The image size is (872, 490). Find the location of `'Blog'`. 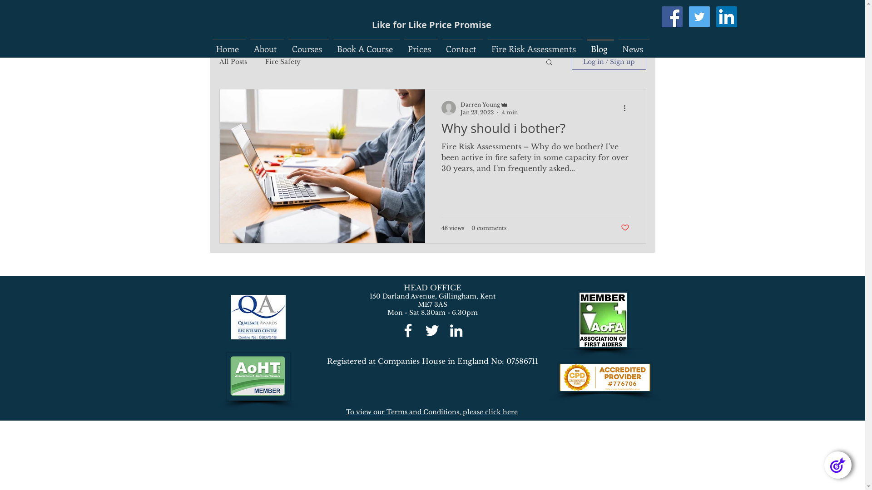

'Blog' is located at coordinates (600, 44).